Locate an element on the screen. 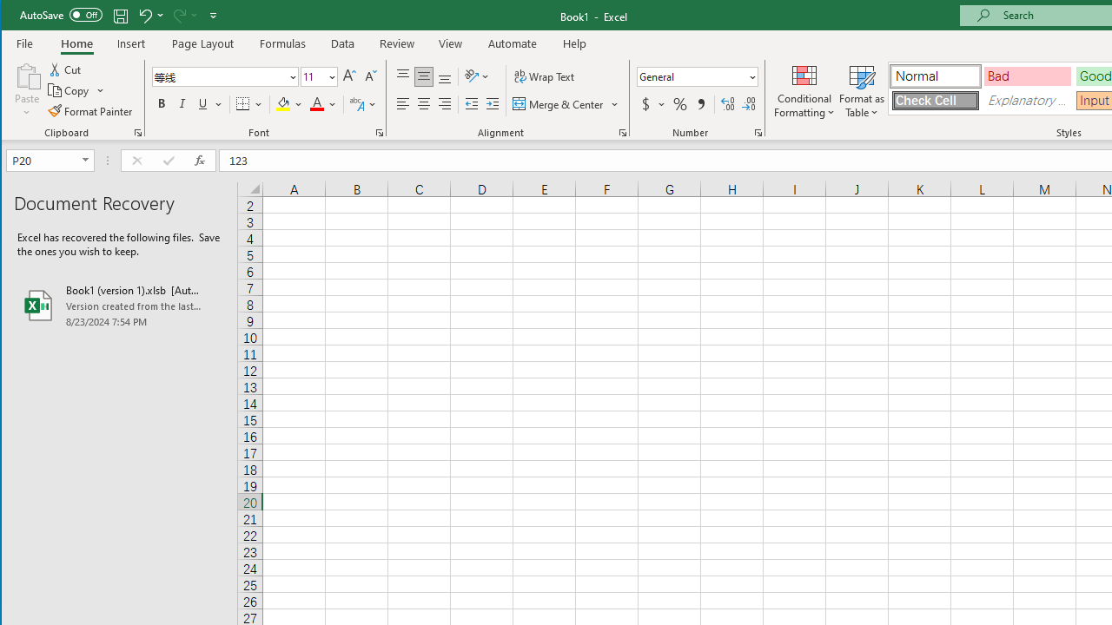 The image size is (1112, 625). 'Align Left' is located at coordinates (402, 104).